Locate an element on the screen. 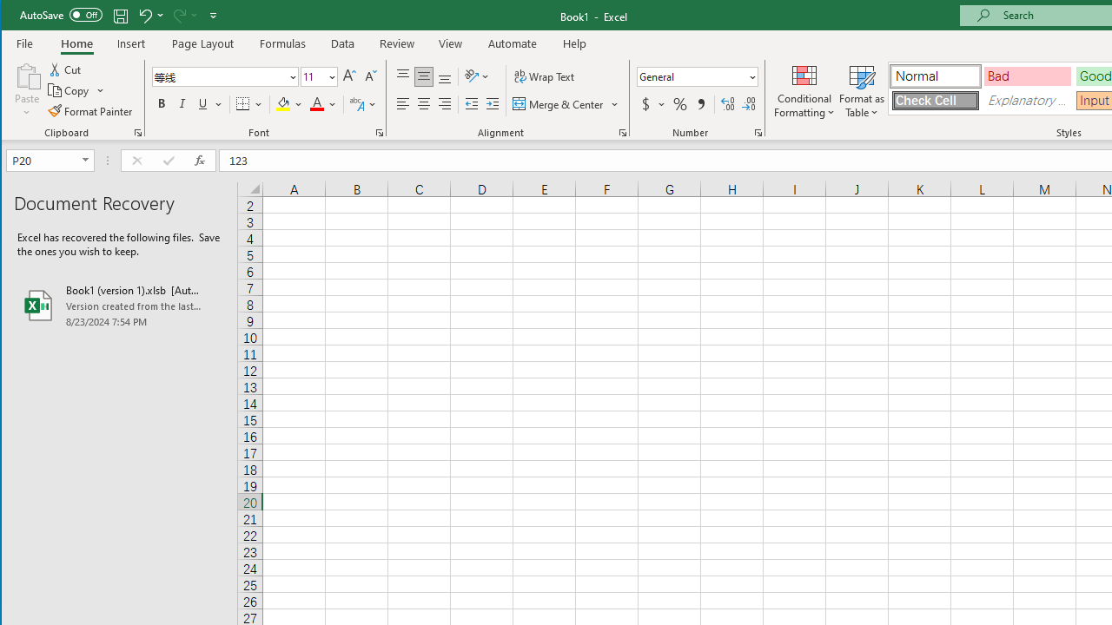 The image size is (1112, 625). 'Align Left' is located at coordinates (402, 104).